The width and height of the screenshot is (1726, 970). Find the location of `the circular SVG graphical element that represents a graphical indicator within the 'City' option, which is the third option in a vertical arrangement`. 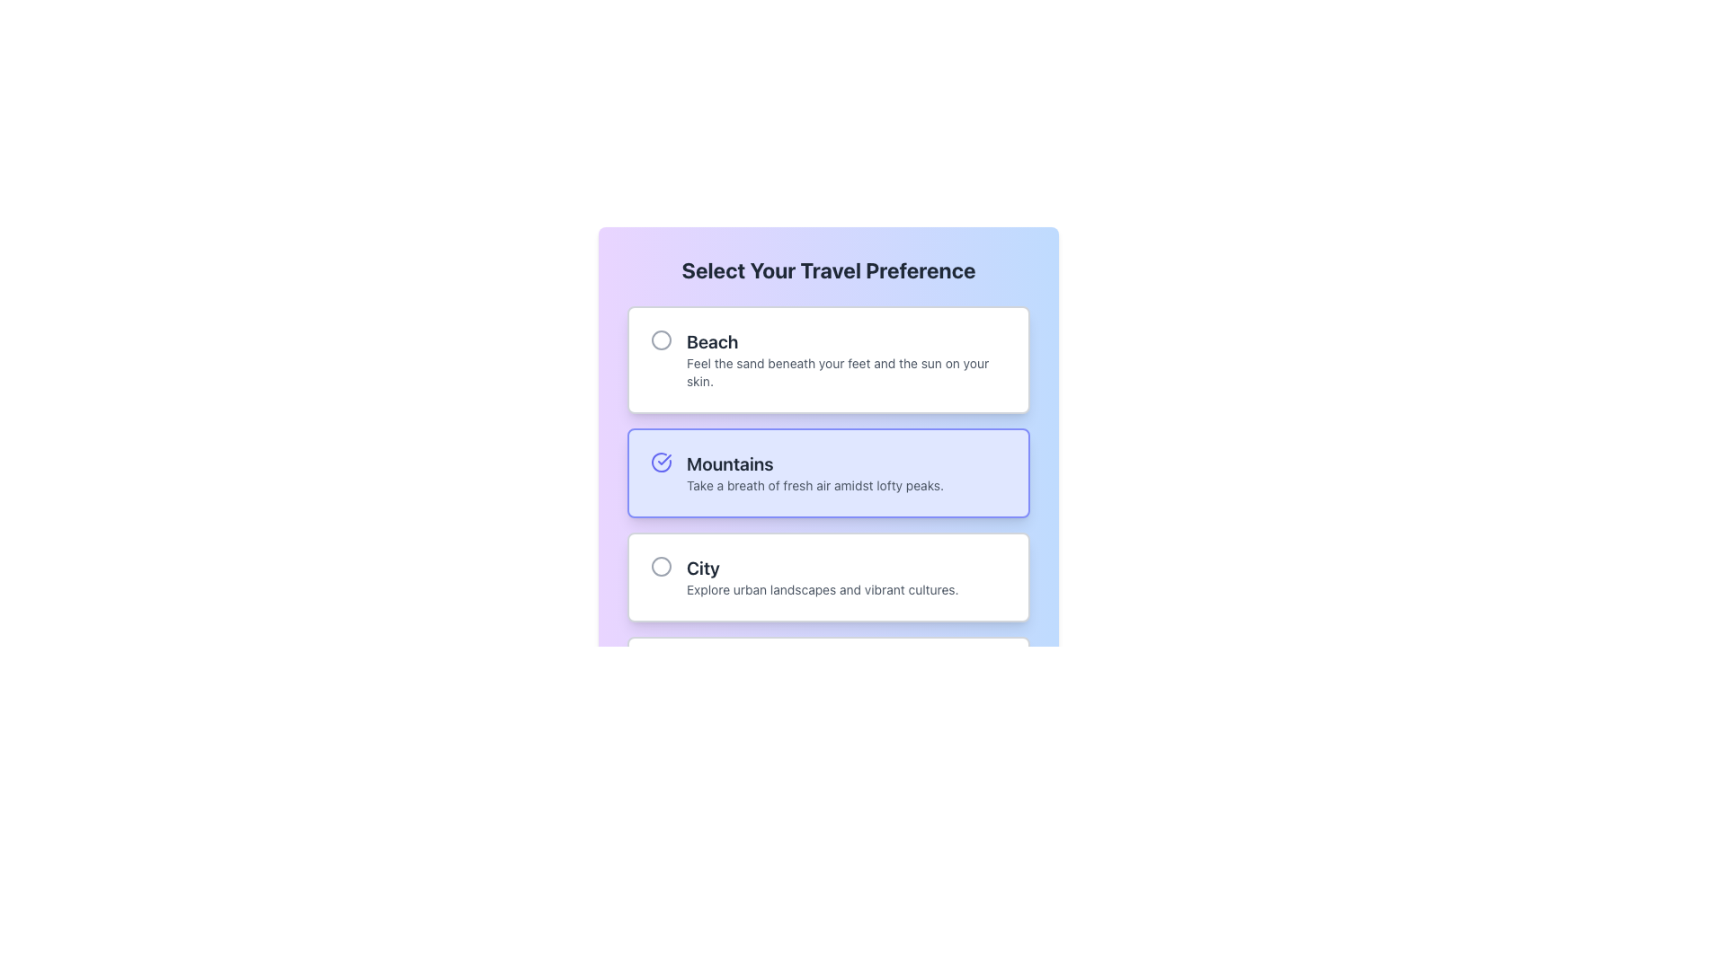

the circular SVG graphical element that represents a graphical indicator within the 'City' option, which is the third option in a vertical arrangement is located at coordinates (660, 567).